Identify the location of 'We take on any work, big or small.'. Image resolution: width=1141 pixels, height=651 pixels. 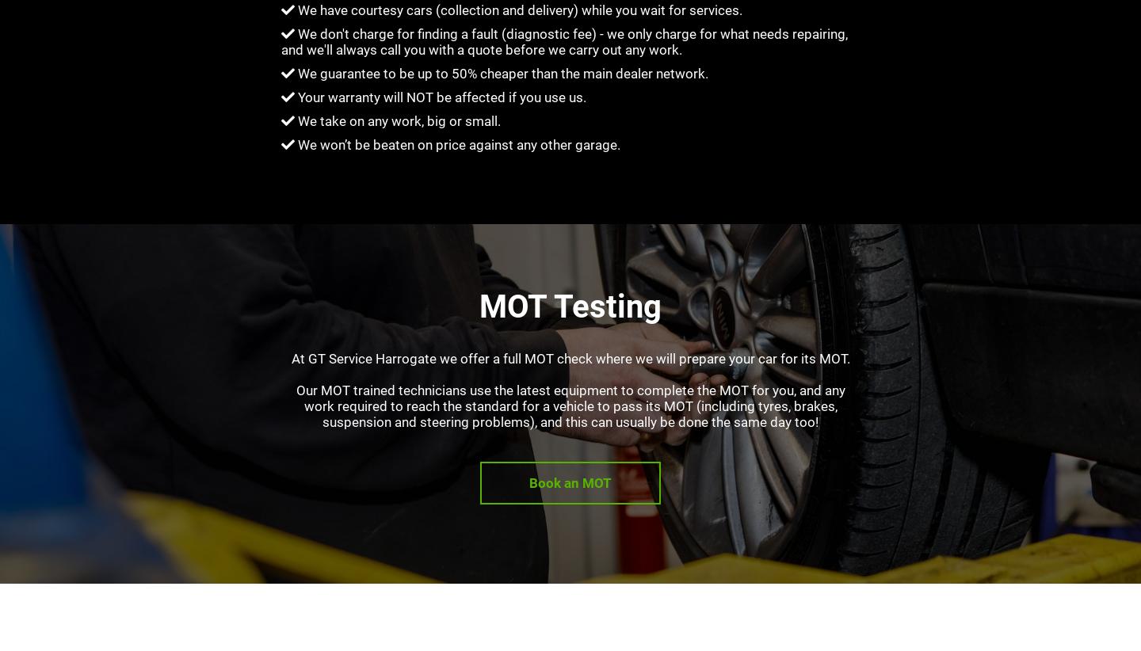
(396, 120).